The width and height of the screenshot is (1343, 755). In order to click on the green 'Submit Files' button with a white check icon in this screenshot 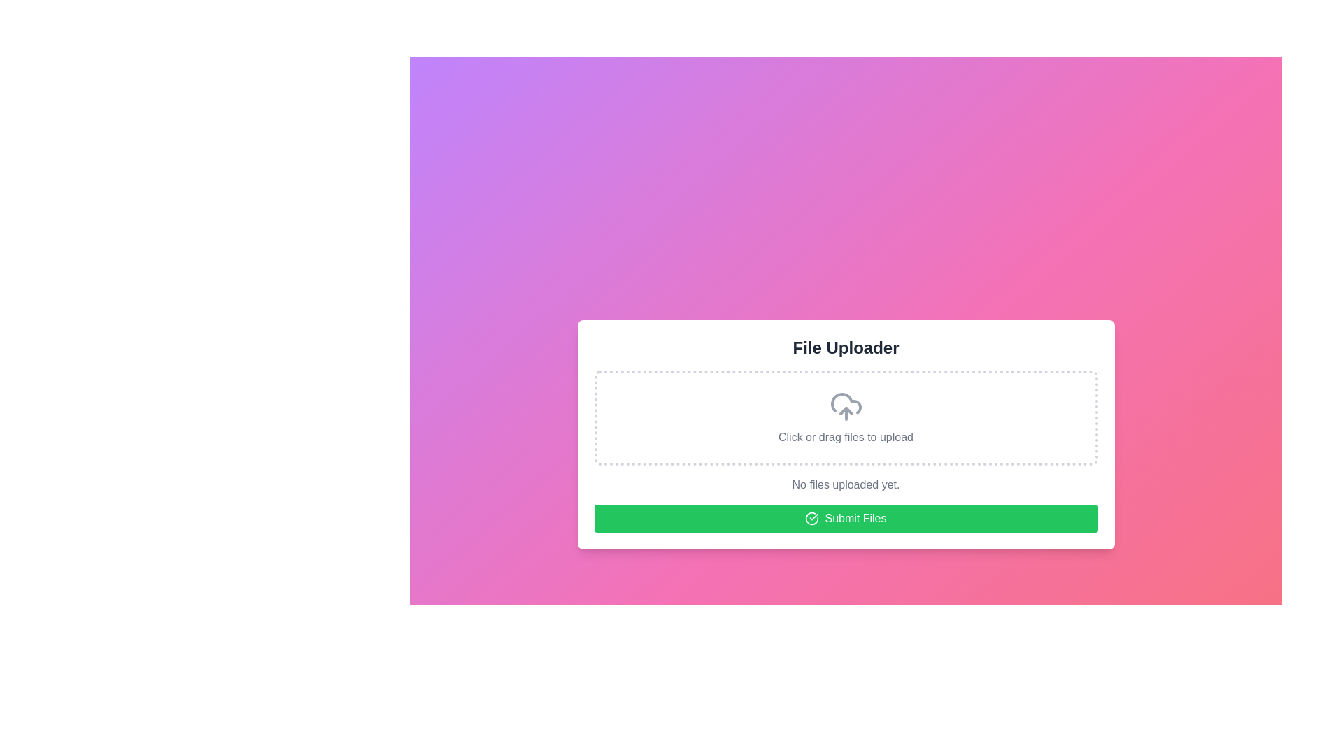, I will do `click(845, 518)`.